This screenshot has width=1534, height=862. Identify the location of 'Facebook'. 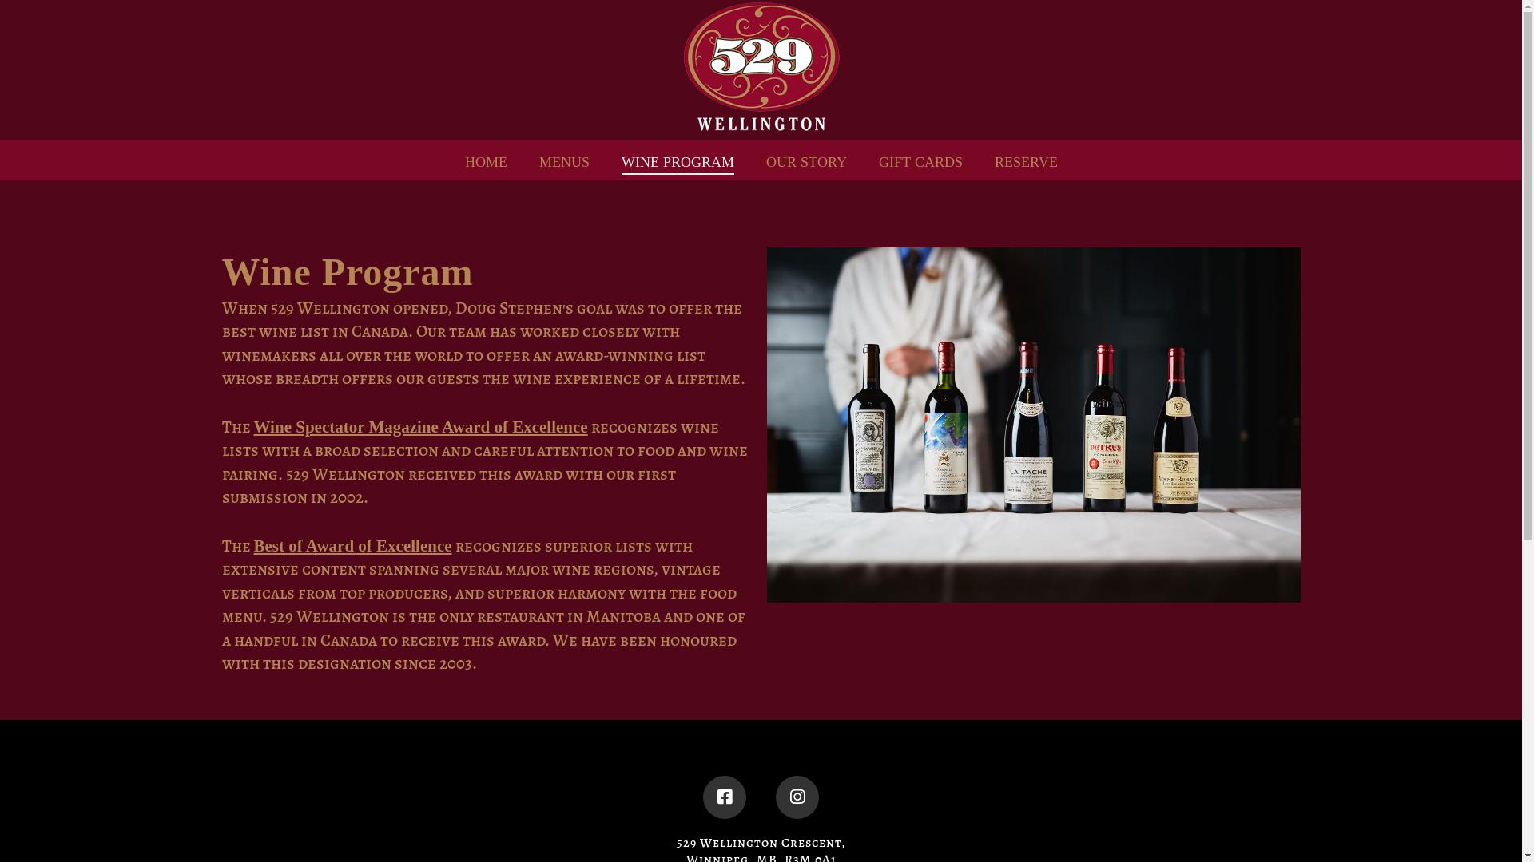
(724, 797).